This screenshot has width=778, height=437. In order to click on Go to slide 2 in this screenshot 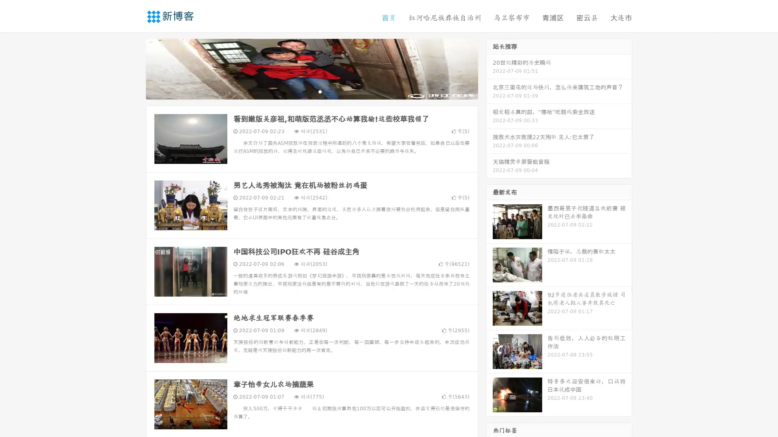, I will do `click(311, 91)`.